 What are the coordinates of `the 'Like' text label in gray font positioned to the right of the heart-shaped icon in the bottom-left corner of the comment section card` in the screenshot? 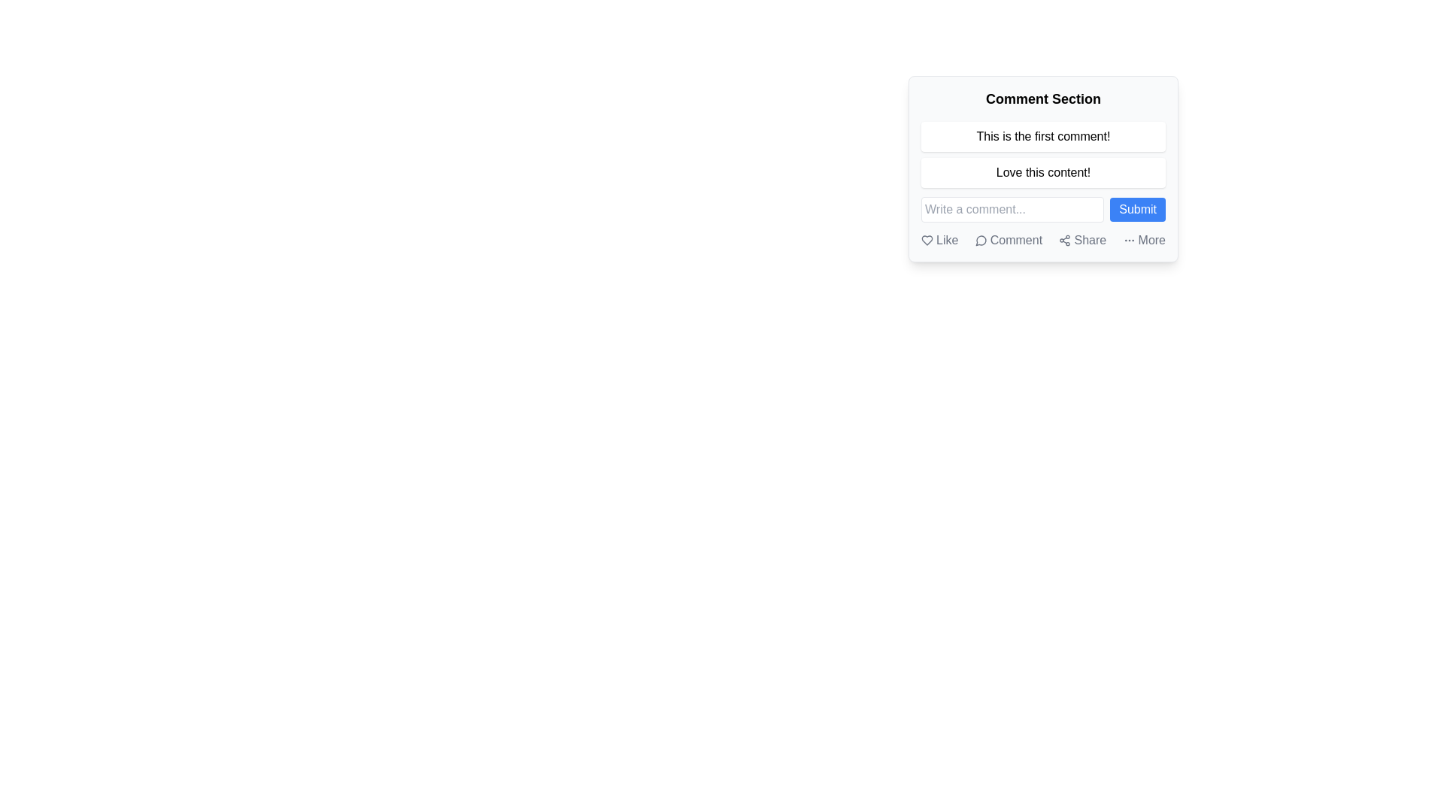 It's located at (946, 240).